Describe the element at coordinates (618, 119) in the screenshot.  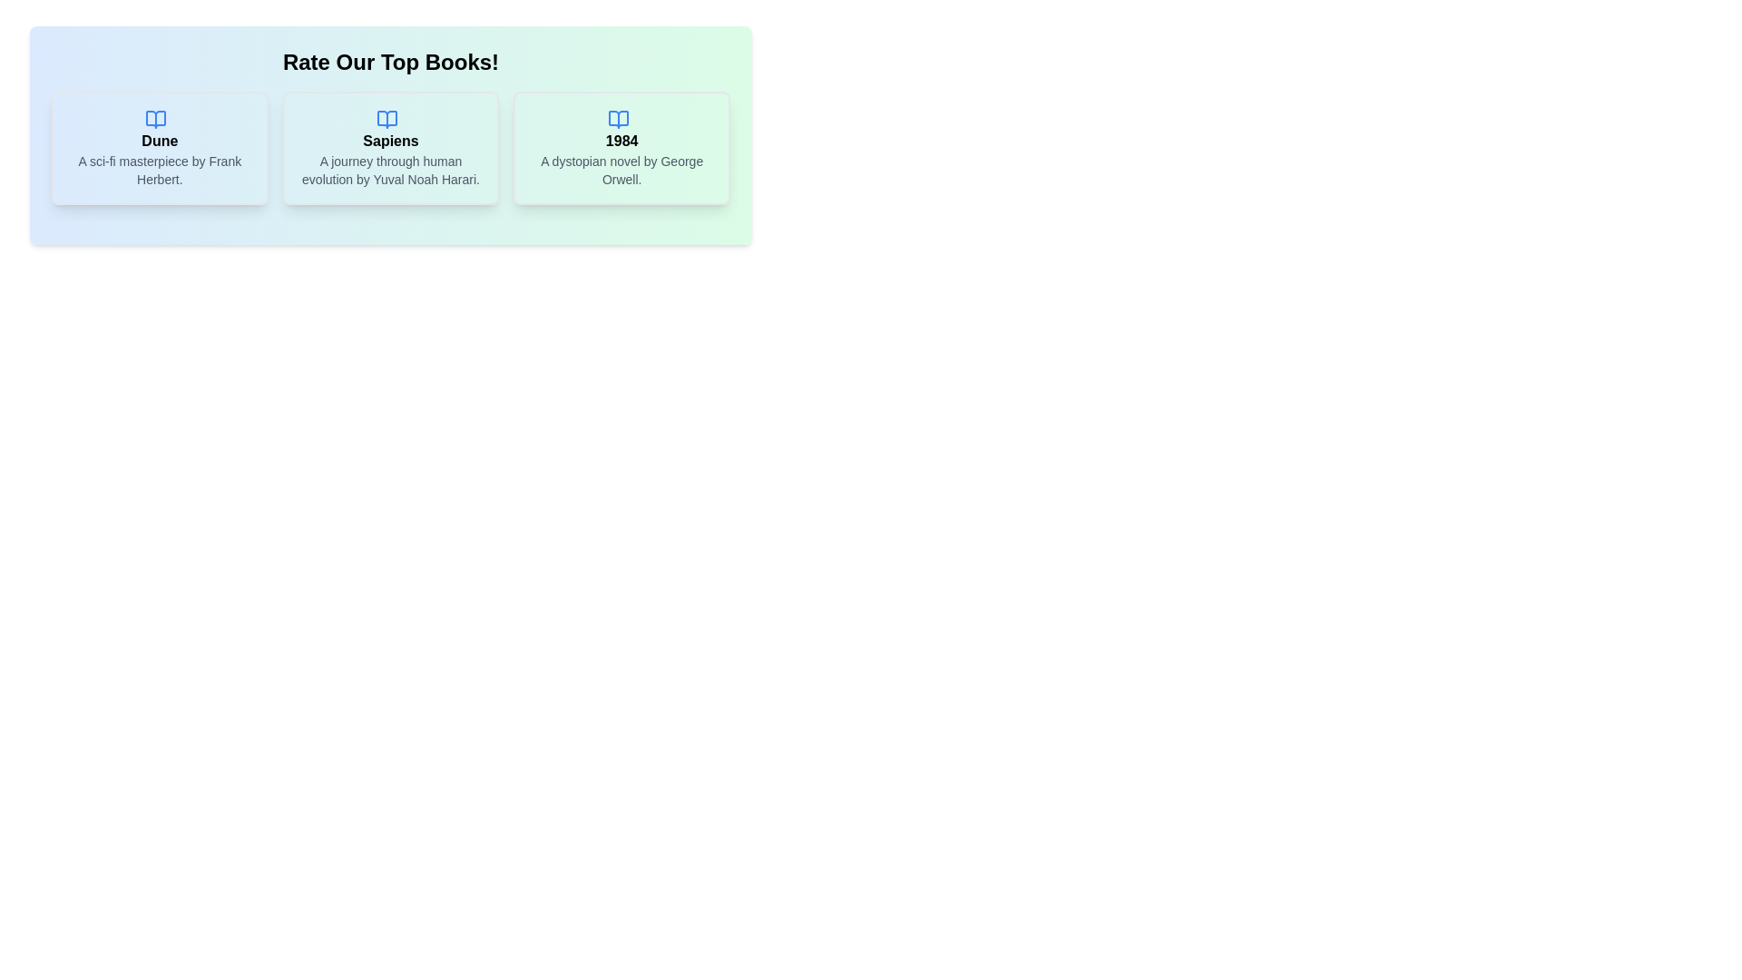
I see `the decorative book icon located in the top-left corner of the card containing the text '1984' and 'A dystopian novel by George Orwell.'` at that location.